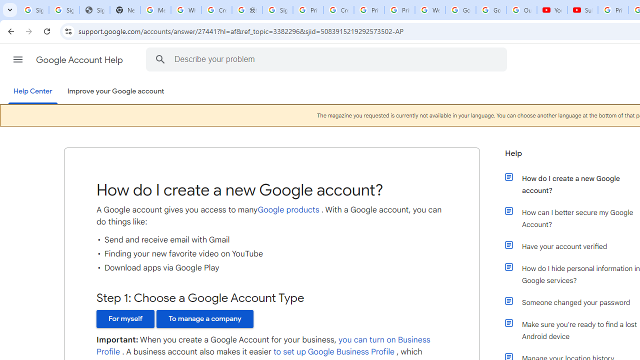 This screenshot has width=640, height=360. Describe the element at coordinates (10, 10) in the screenshot. I see `'Search tabs'` at that location.